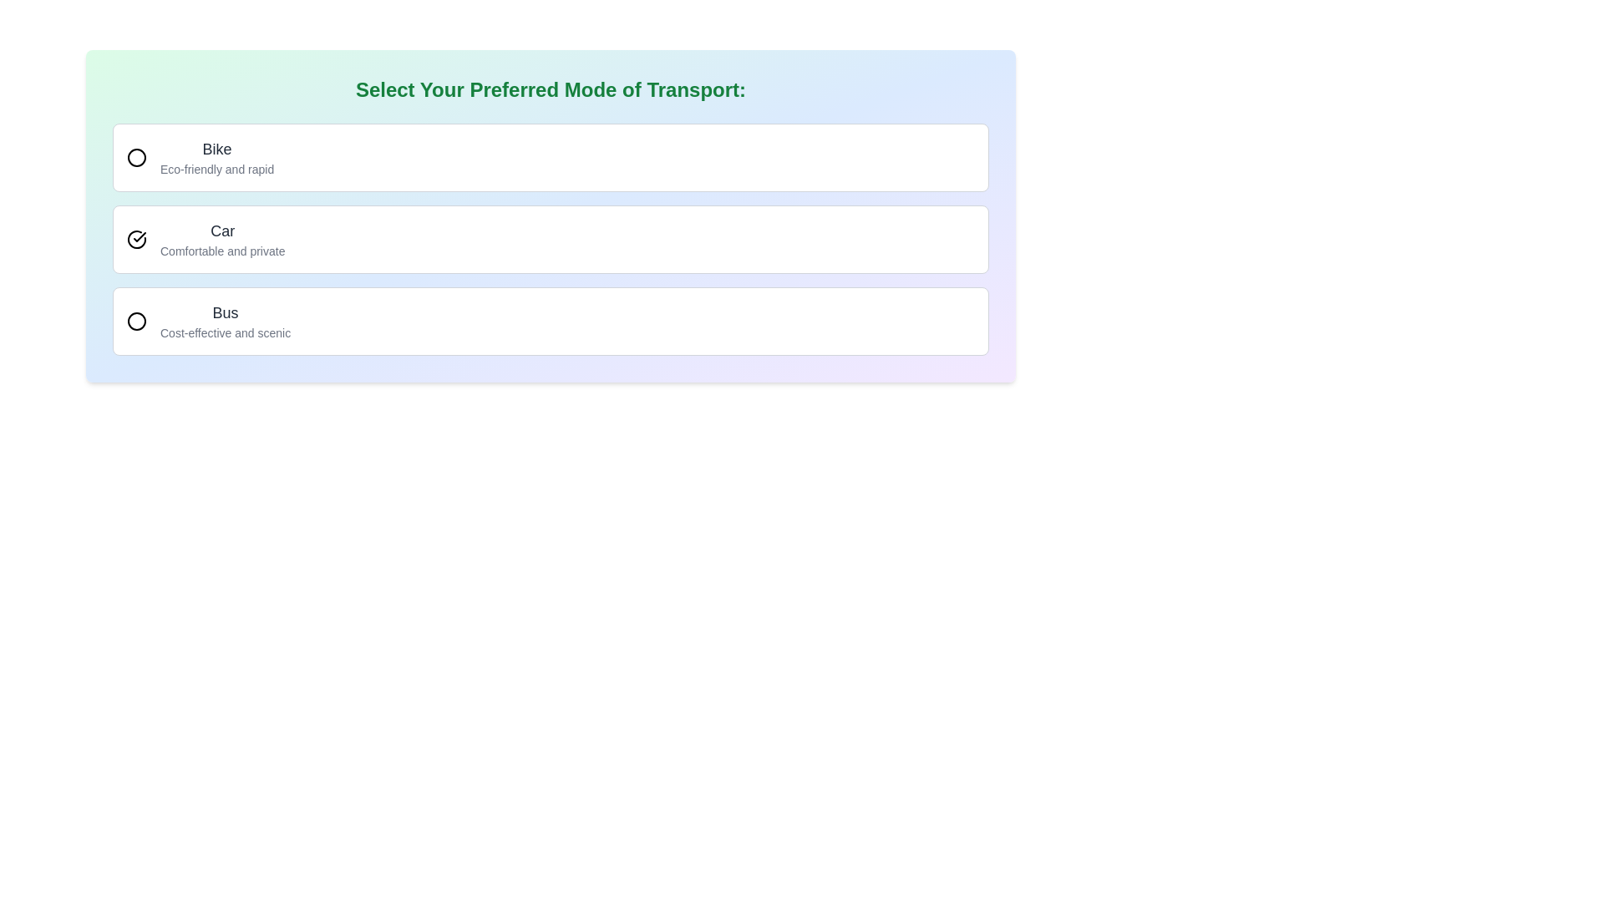 This screenshot has width=1604, height=902. Describe the element at coordinates (216, 170) in the screenshot. I see `the static text label providing additional information about the 'Bike' option, located underneath the 'Bike' heading in the transport modes list` at that location.